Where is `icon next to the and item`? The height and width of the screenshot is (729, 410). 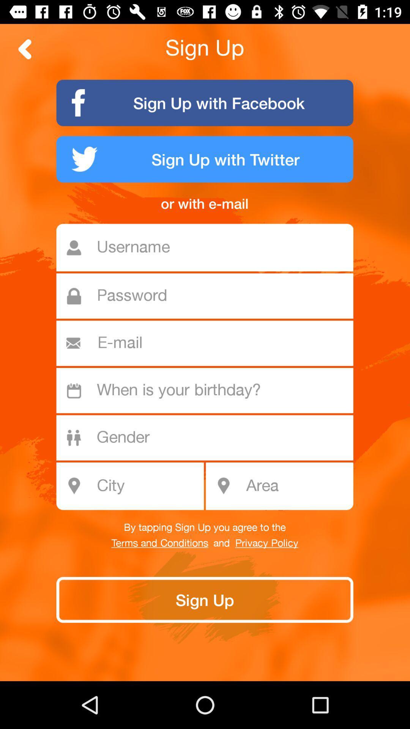
icon next to the and item is located at coordinates (159, 543).